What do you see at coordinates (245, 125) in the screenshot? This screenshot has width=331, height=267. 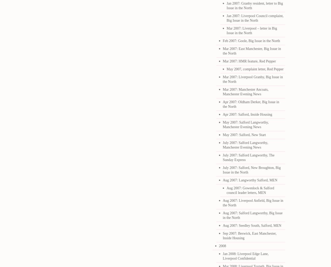 I see `'May 2007: Salford Langworthy, Manchester Evening News'` at bounding box center [245, 125].